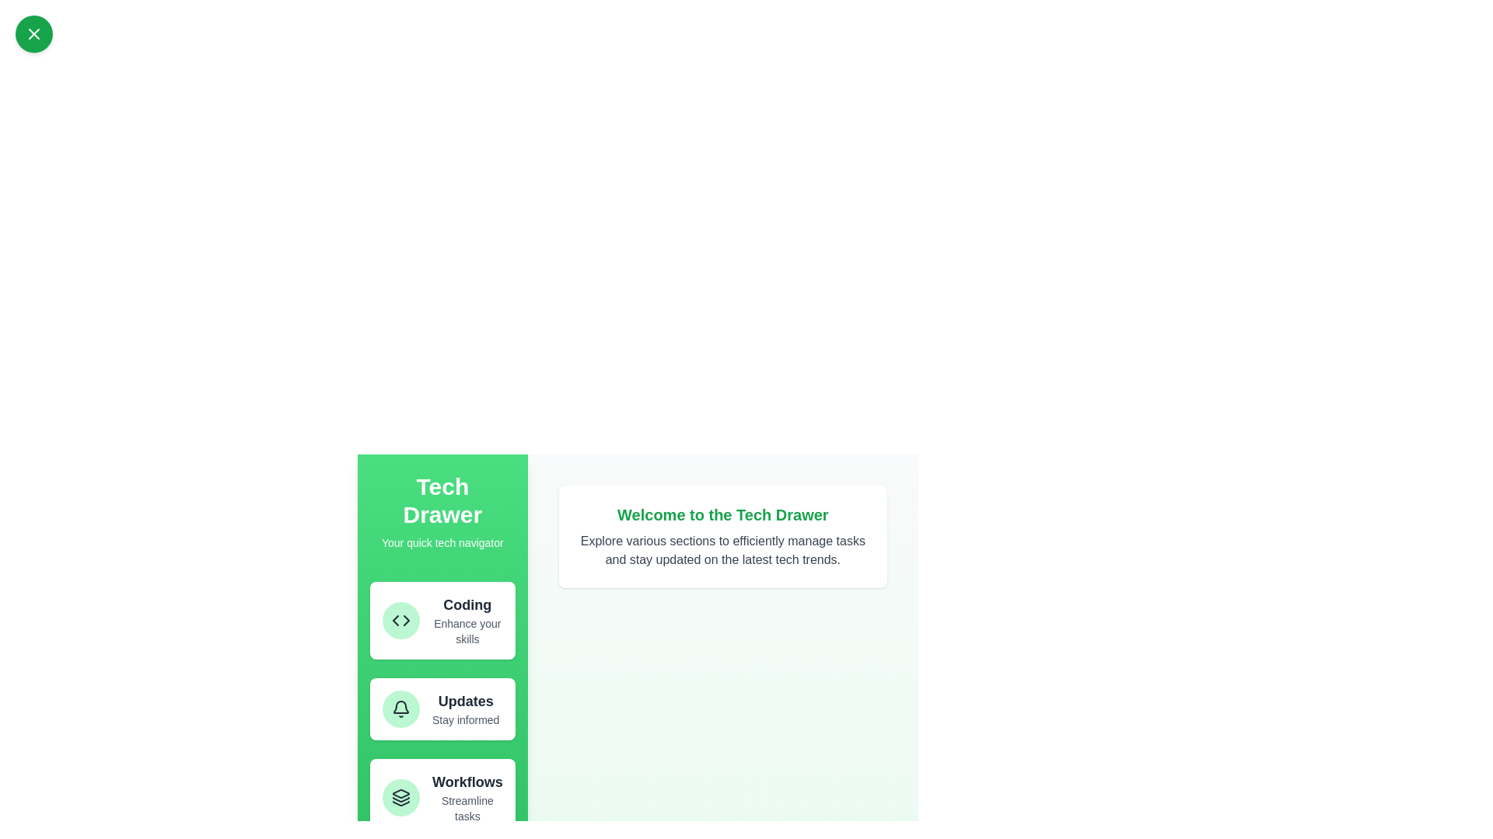 The height and width of the screenshot is (839, 1493). I want to click on the item Coding in the drawer, so click(442, 619).